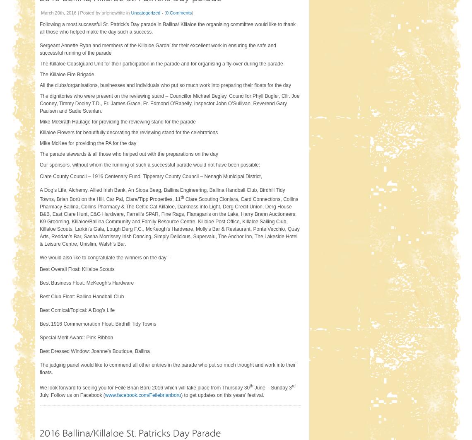 Image resolution: width=472 pixels, height=440 pixels. What do you see at coordinates (162, 12) in the screenshot?
I see `'- ('` at bounding box center [162, 12].